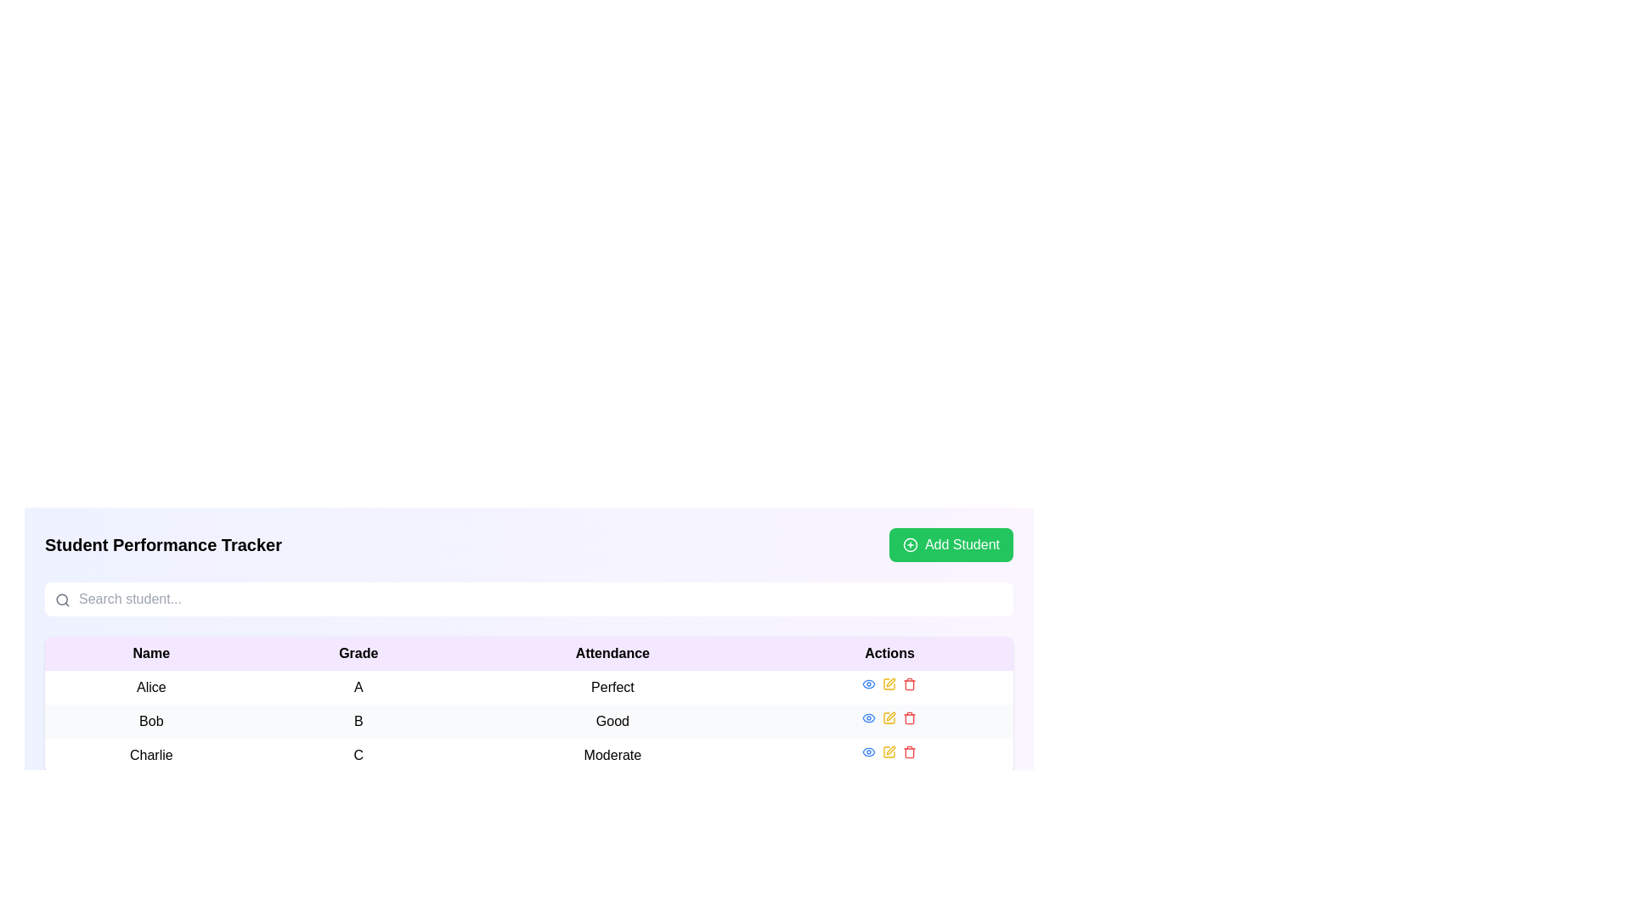  Describe the element at coordinates (869, 684) in the screenshot. I see `the first interactive icon button in the 'Actions' section of the first row of the table` at that location.